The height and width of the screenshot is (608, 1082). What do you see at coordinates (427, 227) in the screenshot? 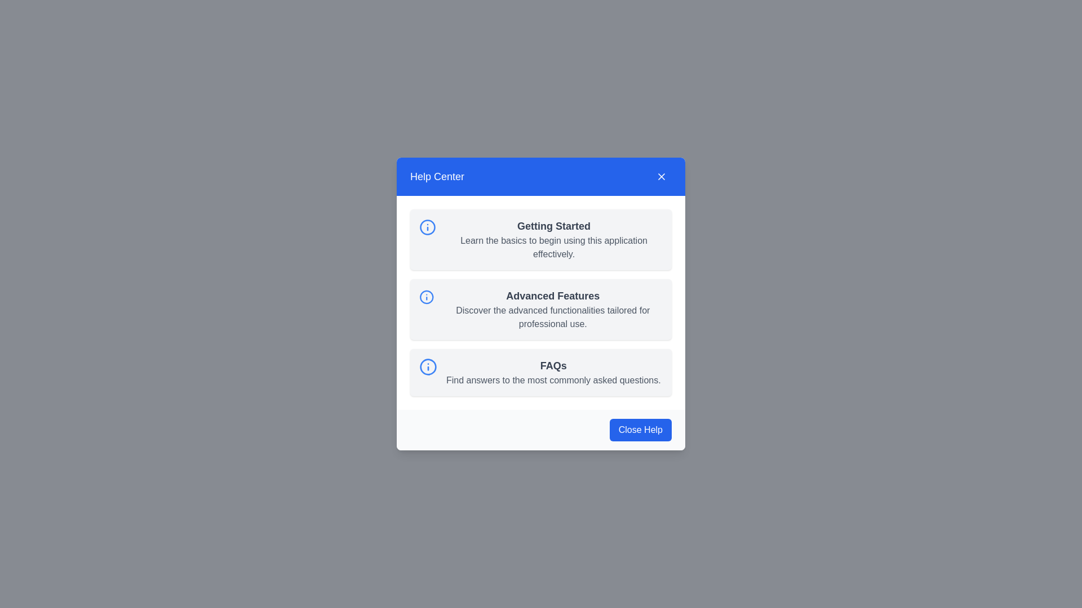
I see `the circular shape within the SVG graphic that symbolizes the information icon for the 'Getting Started' section` at bounding box center [427, 227].